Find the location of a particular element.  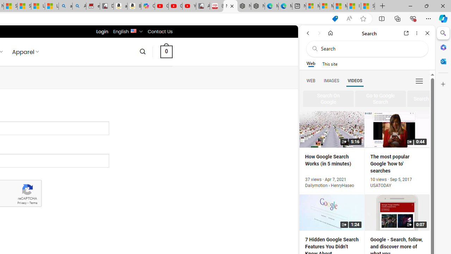

'  0  ' is located at coordinates (166, 51).